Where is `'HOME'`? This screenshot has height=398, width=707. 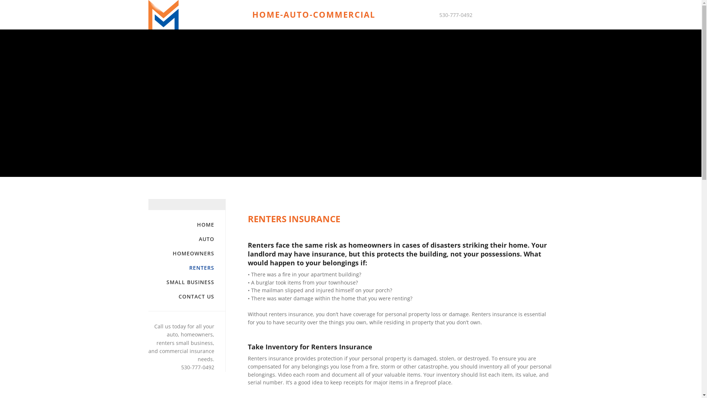 'HOME' is located at coordinates (181, 224).